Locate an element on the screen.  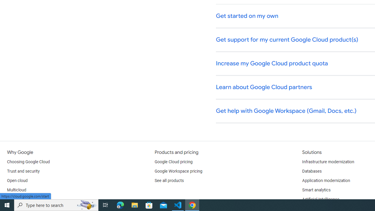
'Choosing Google Cloud' is located at coordinates (28, 162).